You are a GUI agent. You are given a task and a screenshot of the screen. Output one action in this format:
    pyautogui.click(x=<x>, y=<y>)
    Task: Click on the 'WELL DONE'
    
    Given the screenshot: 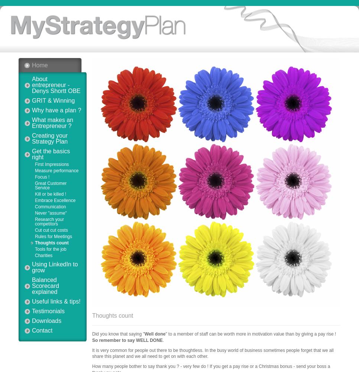 What is the action you would take?
    pyautogui.click(x=149, y=340)
    